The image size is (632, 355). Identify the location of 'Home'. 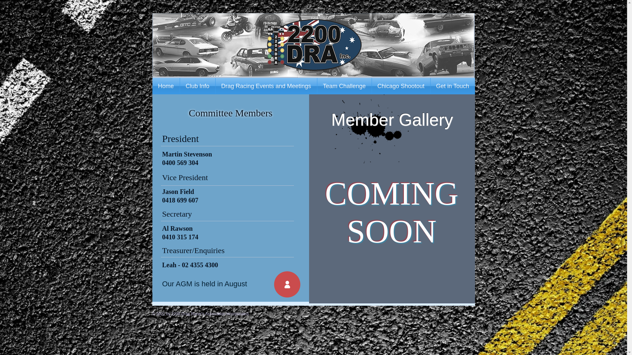
(166, 86).